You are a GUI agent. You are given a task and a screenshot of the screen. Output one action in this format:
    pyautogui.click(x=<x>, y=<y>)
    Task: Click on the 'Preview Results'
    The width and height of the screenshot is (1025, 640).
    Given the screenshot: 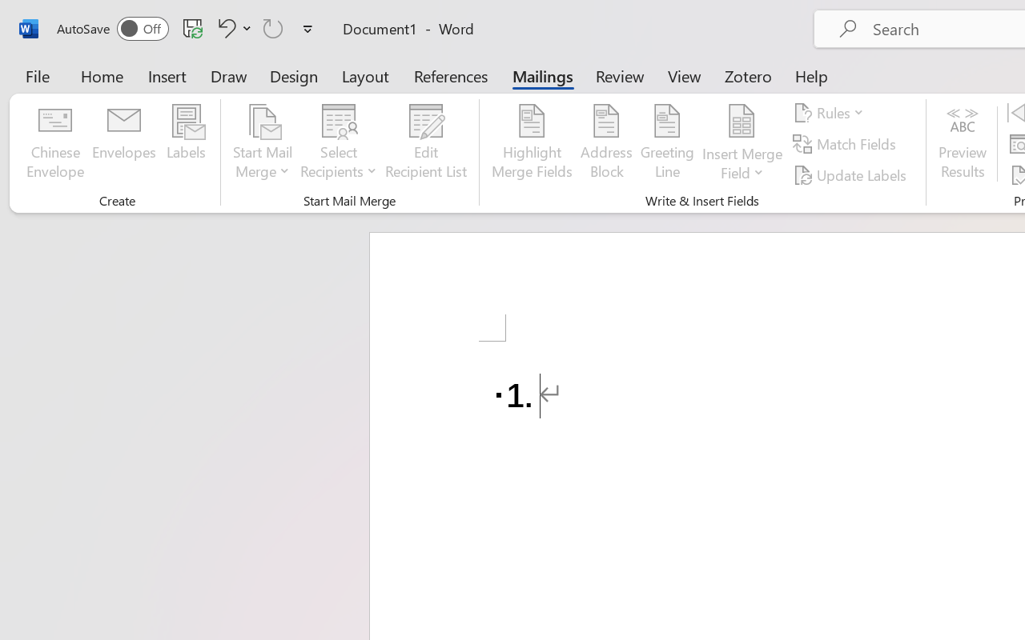 What is the action you would take?
    pyautogui.click(x=962, y=143)
    